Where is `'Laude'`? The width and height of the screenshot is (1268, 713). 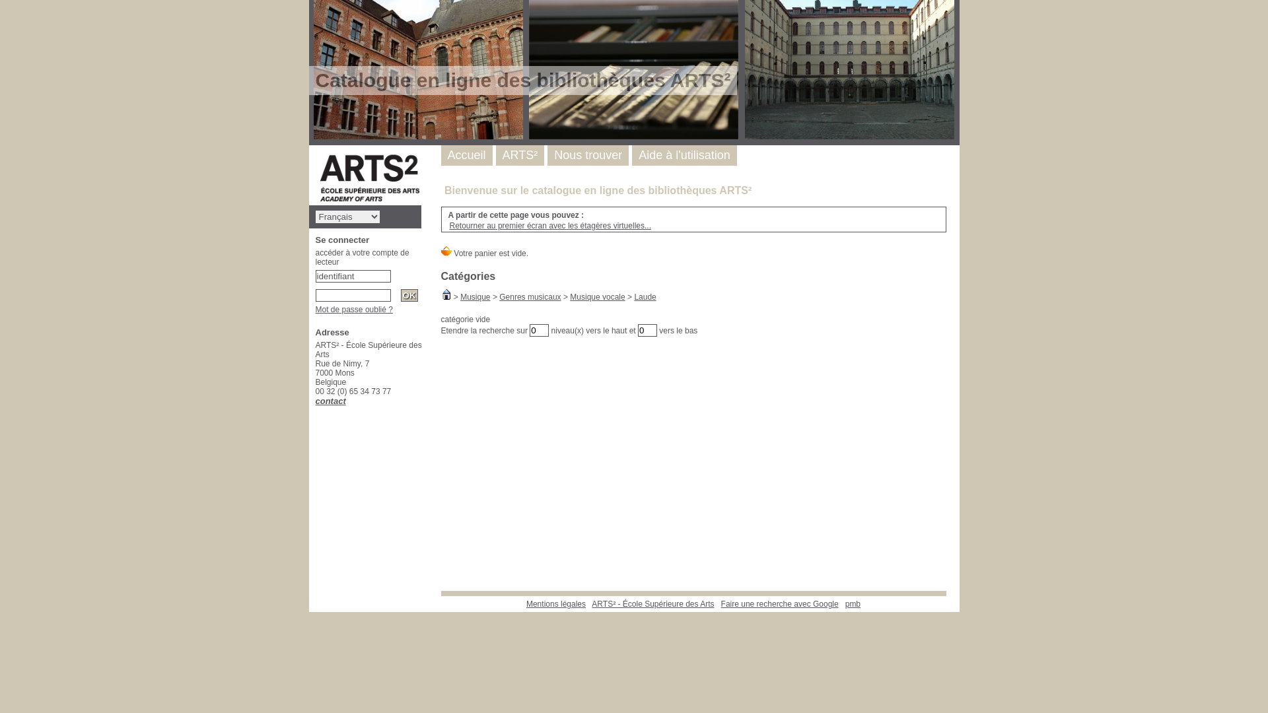 'Laude' is located at coordinates (645, 297).